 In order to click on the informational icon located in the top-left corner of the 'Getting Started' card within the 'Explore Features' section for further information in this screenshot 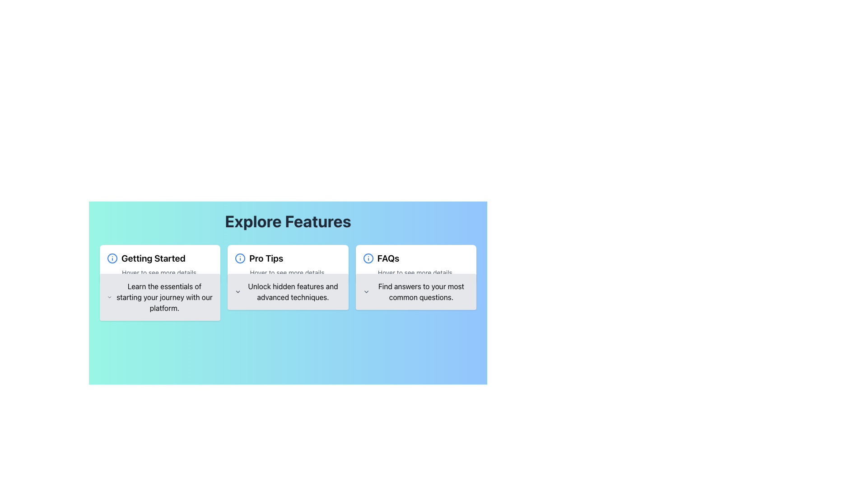, I will do `click(112, 258)`.